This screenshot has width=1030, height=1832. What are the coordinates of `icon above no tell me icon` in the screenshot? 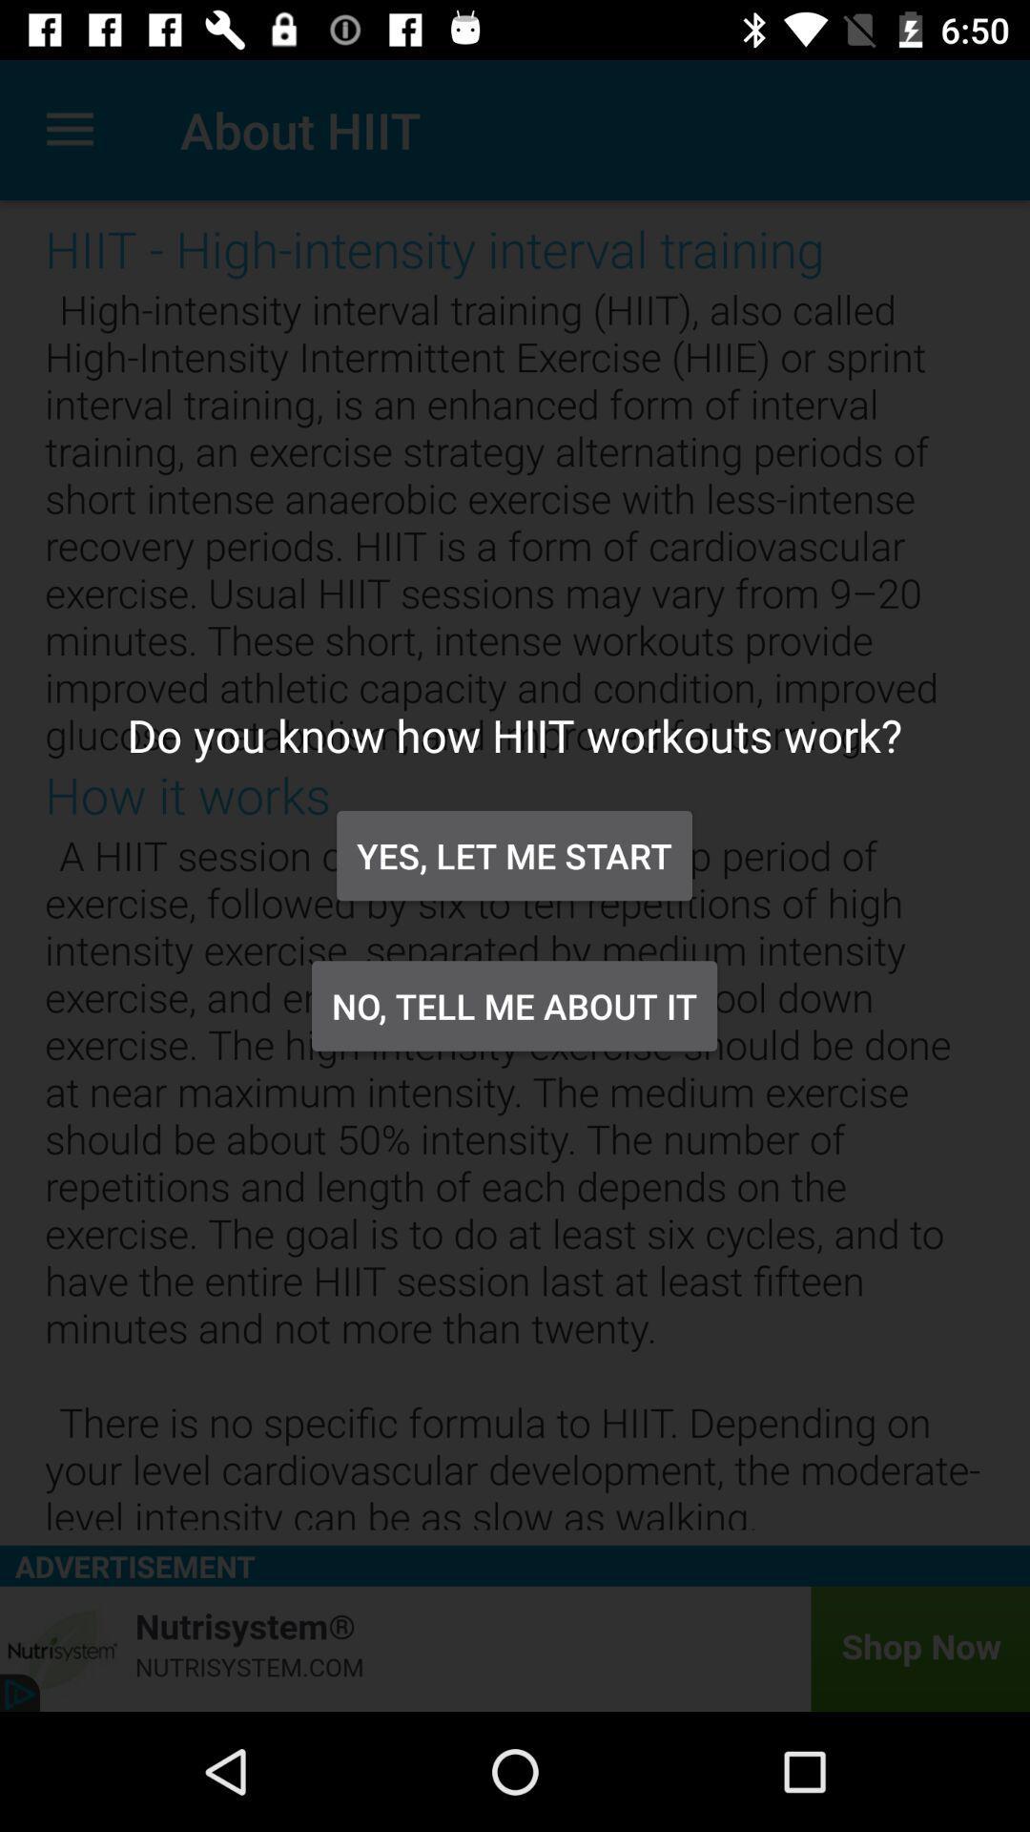 It's located at (513, 855).